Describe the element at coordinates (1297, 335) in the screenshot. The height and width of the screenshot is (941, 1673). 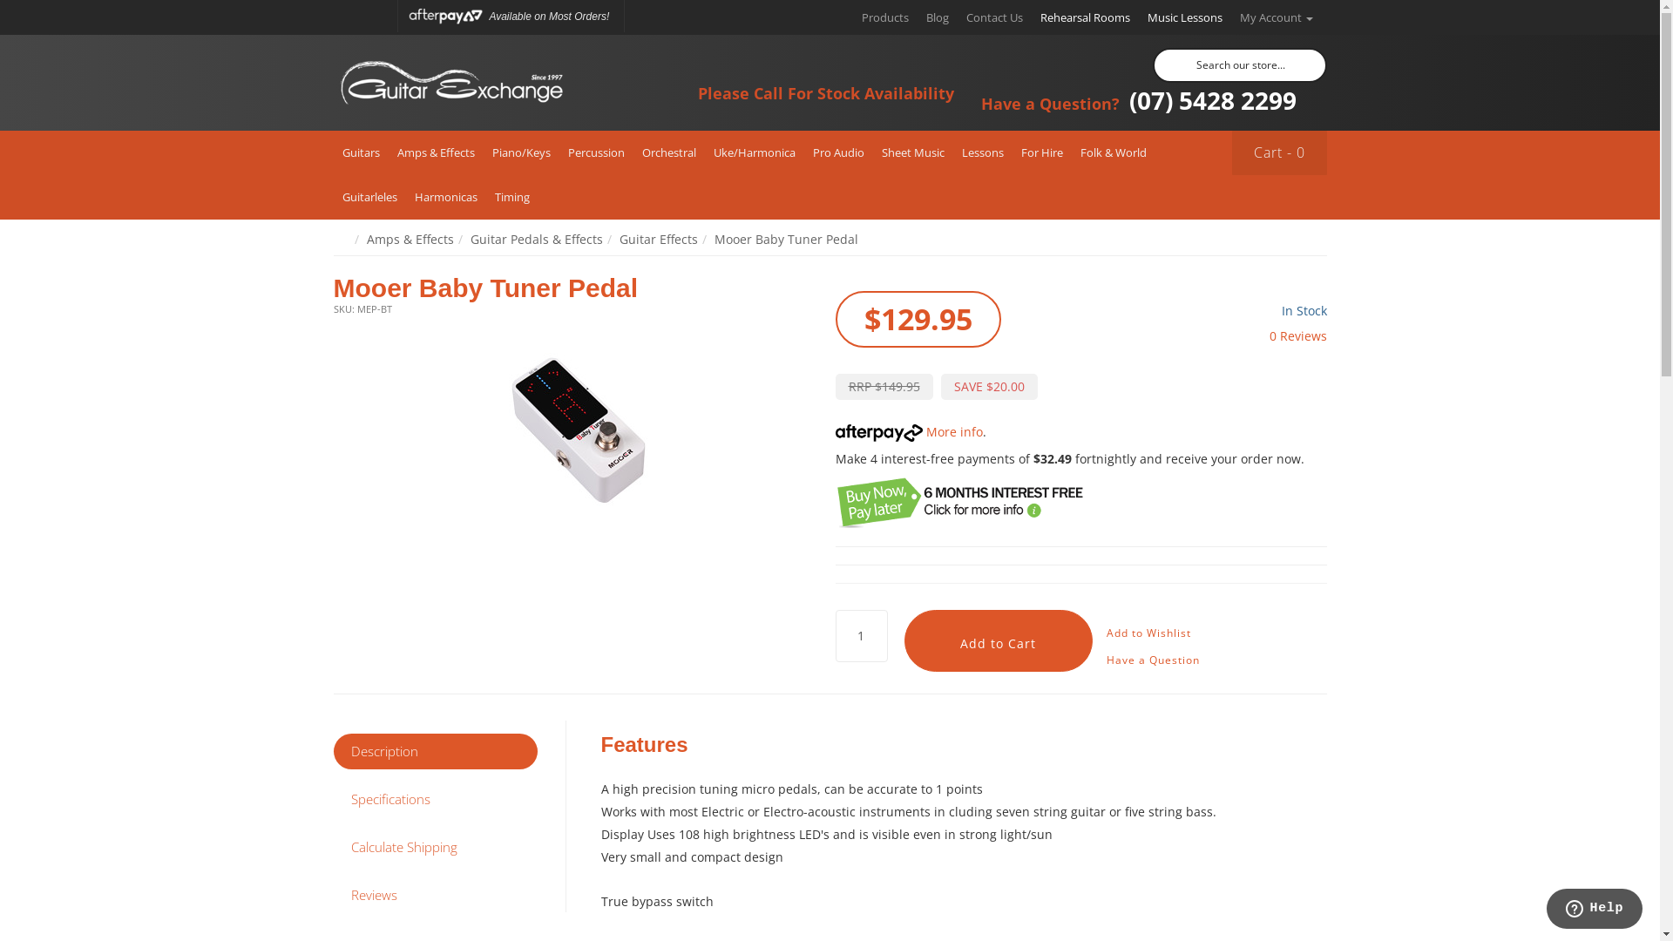
I see `'0 Reviews'` at that location.